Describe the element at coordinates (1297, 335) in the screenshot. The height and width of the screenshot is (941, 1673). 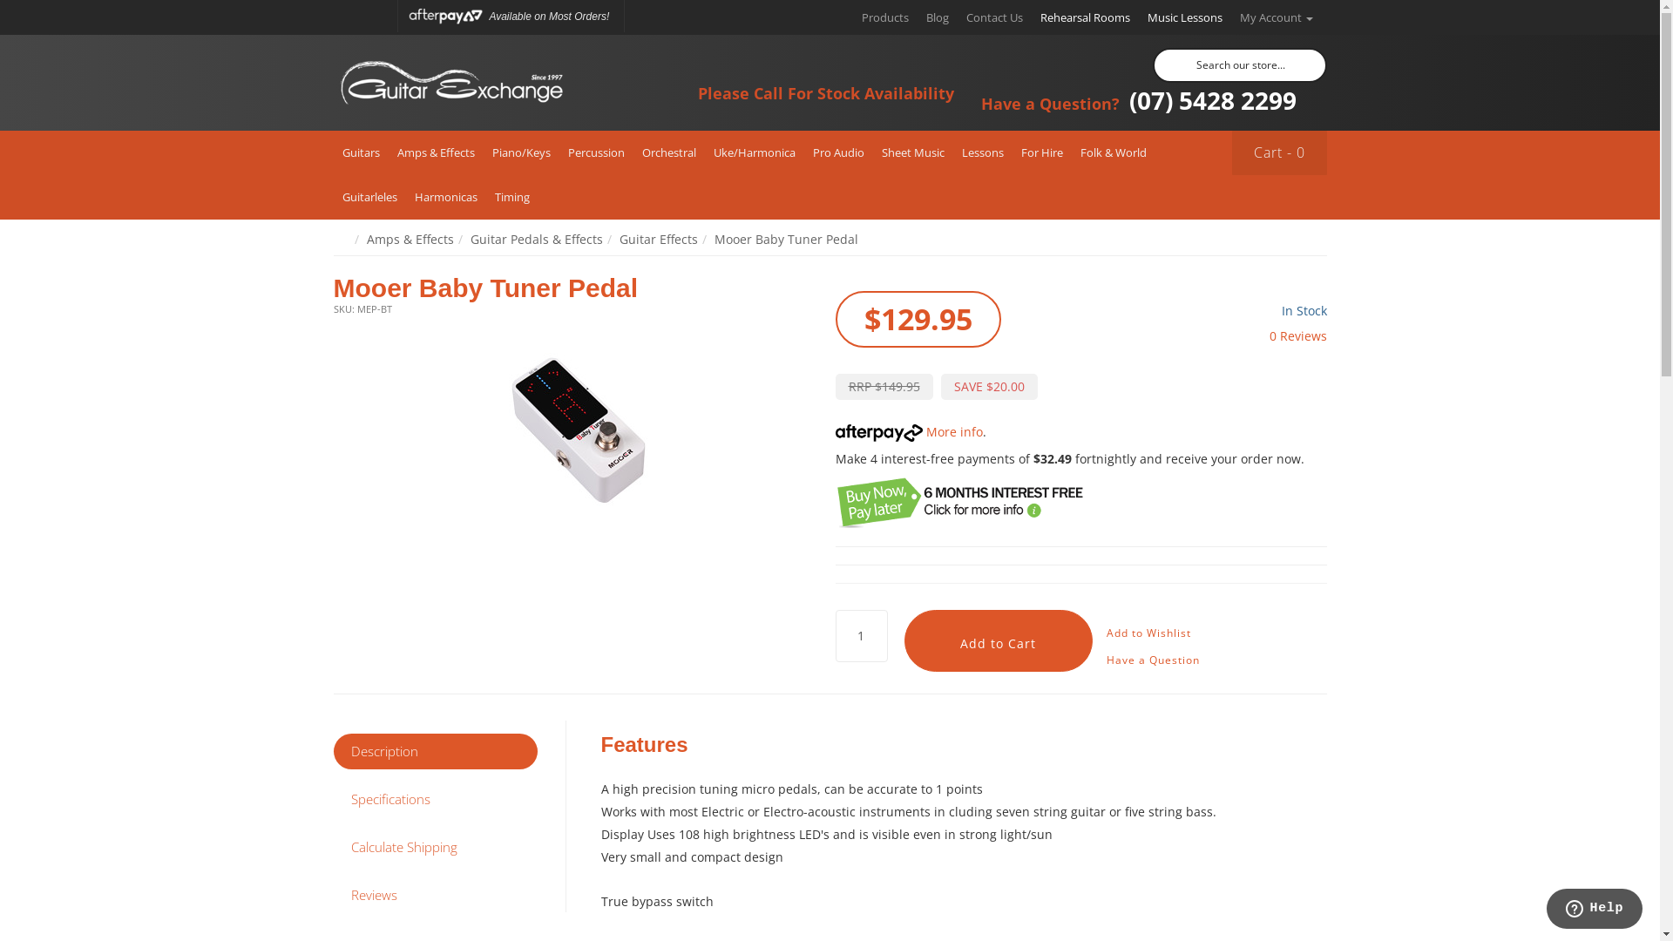
I see `'0 Reviews'` at that location.